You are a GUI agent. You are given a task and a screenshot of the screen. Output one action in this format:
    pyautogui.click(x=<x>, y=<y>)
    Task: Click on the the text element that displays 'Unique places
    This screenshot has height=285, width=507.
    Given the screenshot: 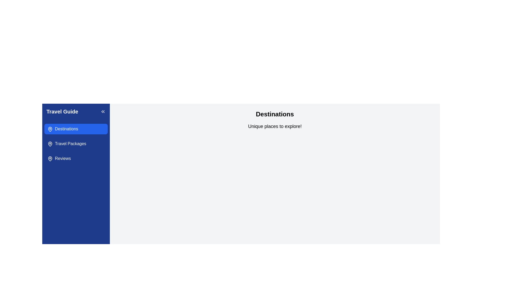 What is the action you would take?
    pyautogui.click(x=275, y=126)
    